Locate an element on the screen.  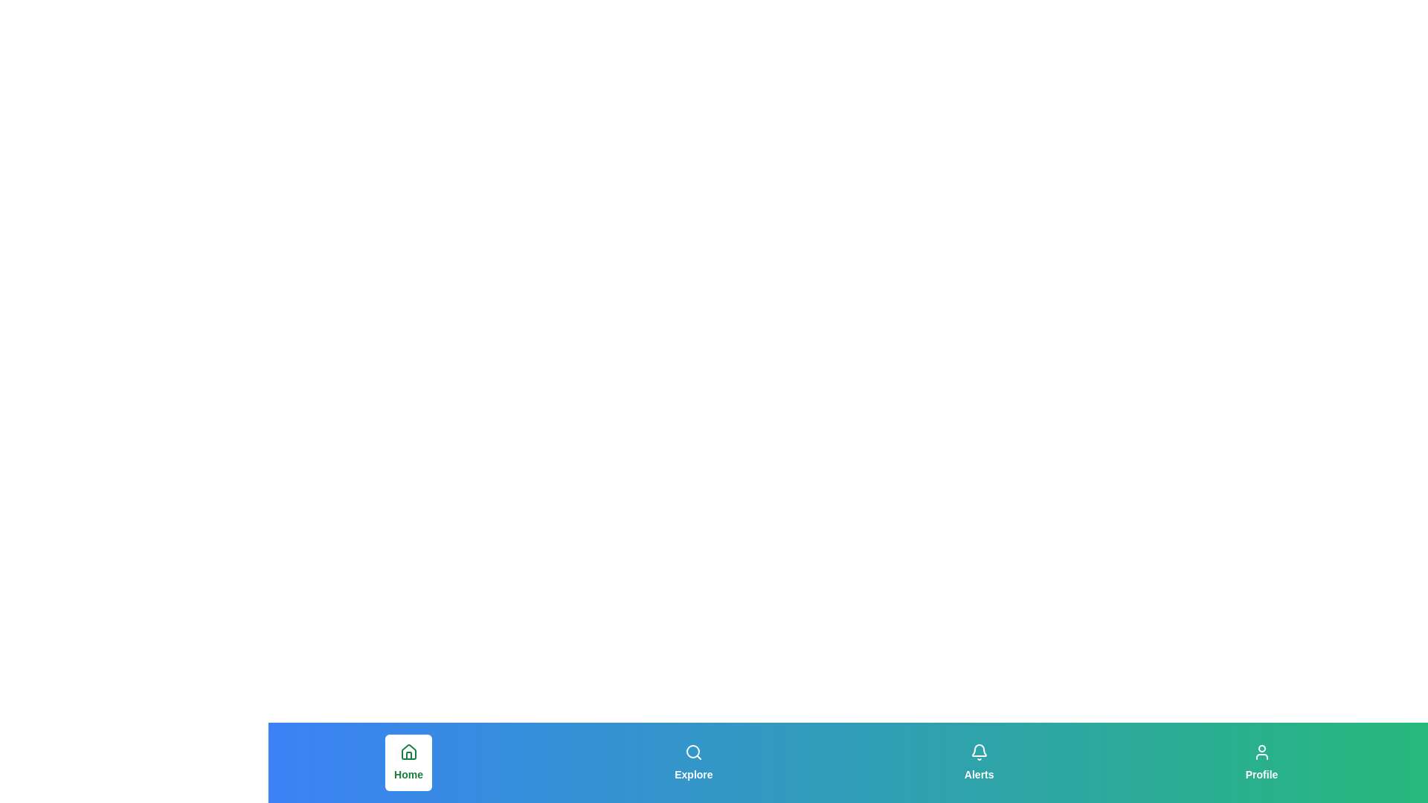
the tab corresponding to Alerts is located at coordinates (979, 763).